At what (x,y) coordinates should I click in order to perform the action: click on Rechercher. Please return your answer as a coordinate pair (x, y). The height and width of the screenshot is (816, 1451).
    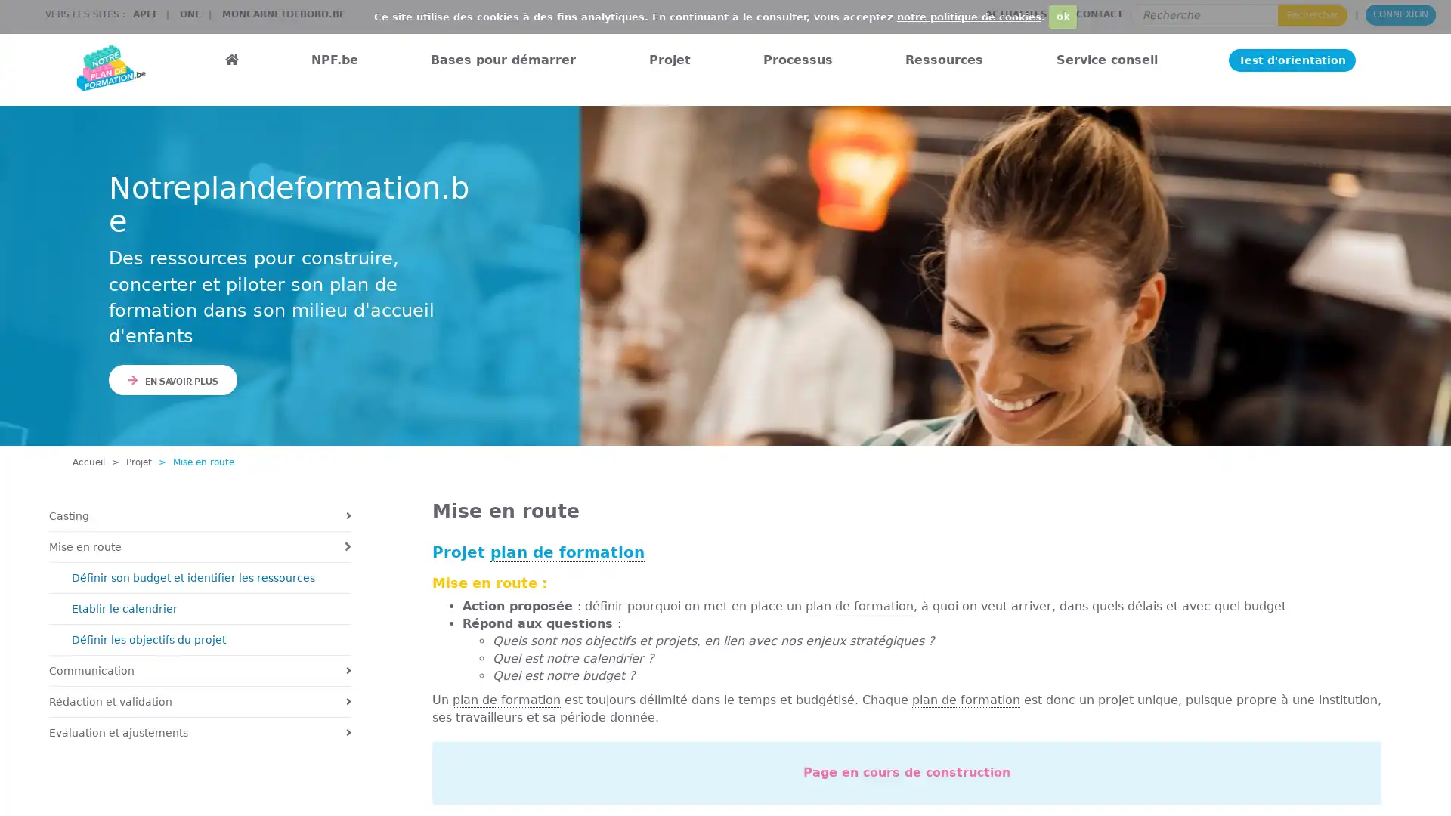
    Looking at the image, I should click on (1312, 14).